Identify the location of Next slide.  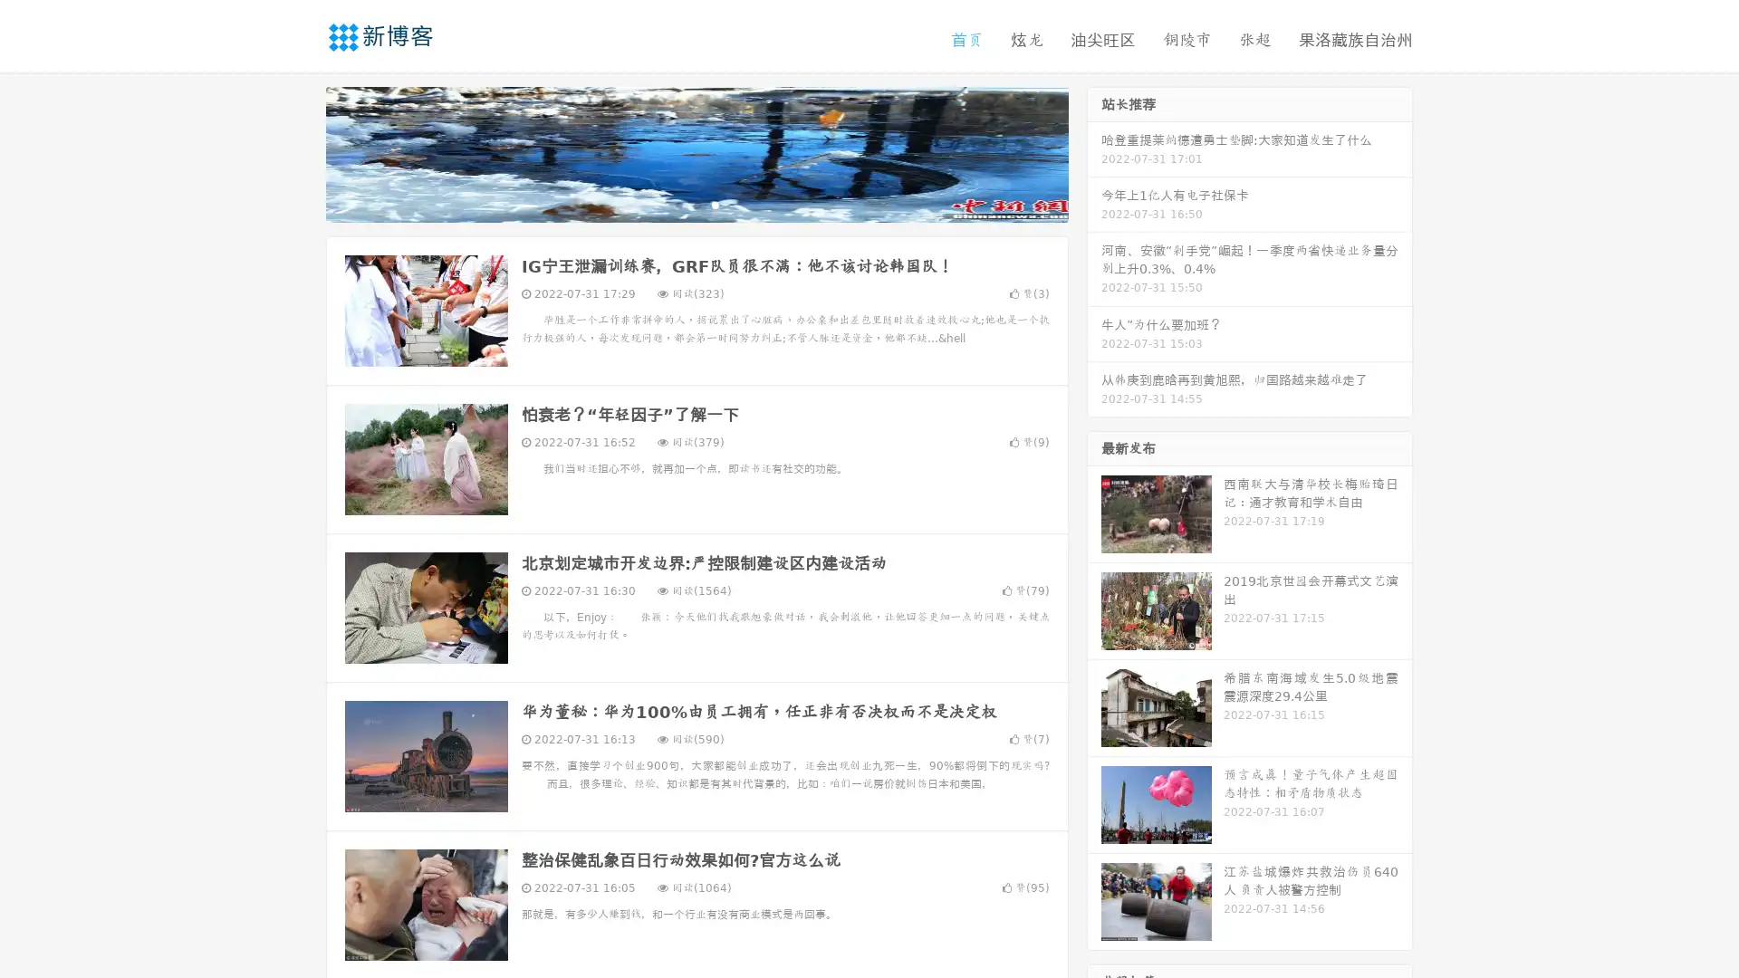
(1094, 152).